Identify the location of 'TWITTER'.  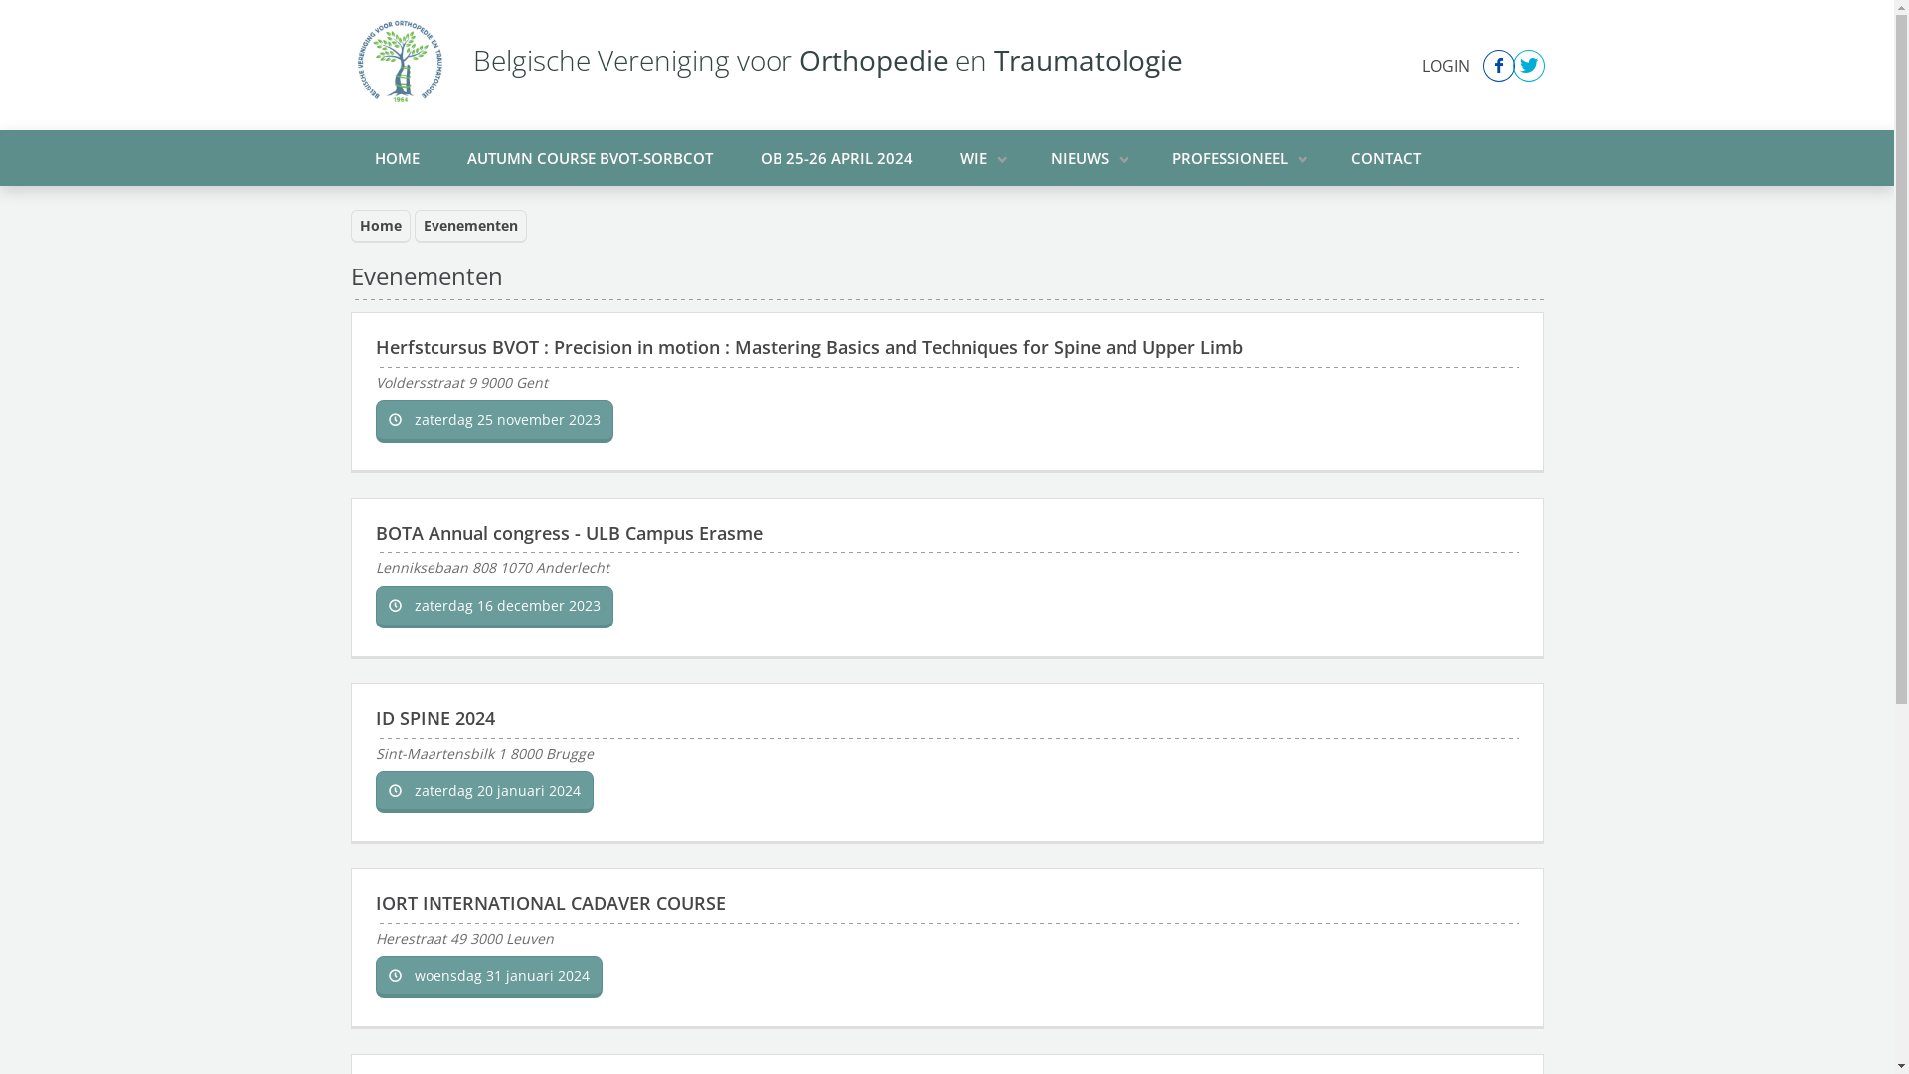
(1511, 64).